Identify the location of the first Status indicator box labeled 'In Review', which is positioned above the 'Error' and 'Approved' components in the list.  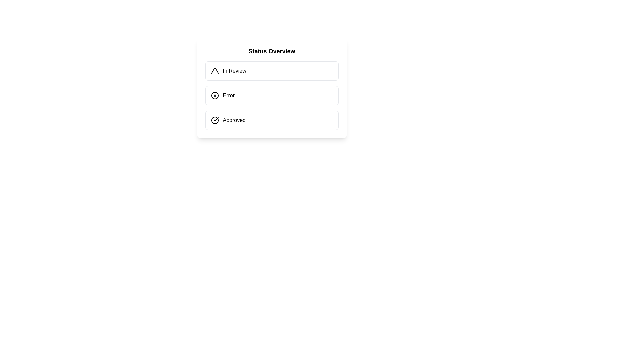
(272, 71).